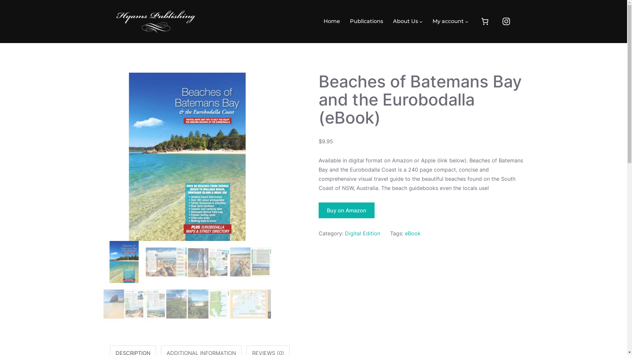 The width and height of the screenshot is (632, 355). Describe the element at coordinates (346, 210) in the screenshot. I see `'Buy on Amazon'` at that location.